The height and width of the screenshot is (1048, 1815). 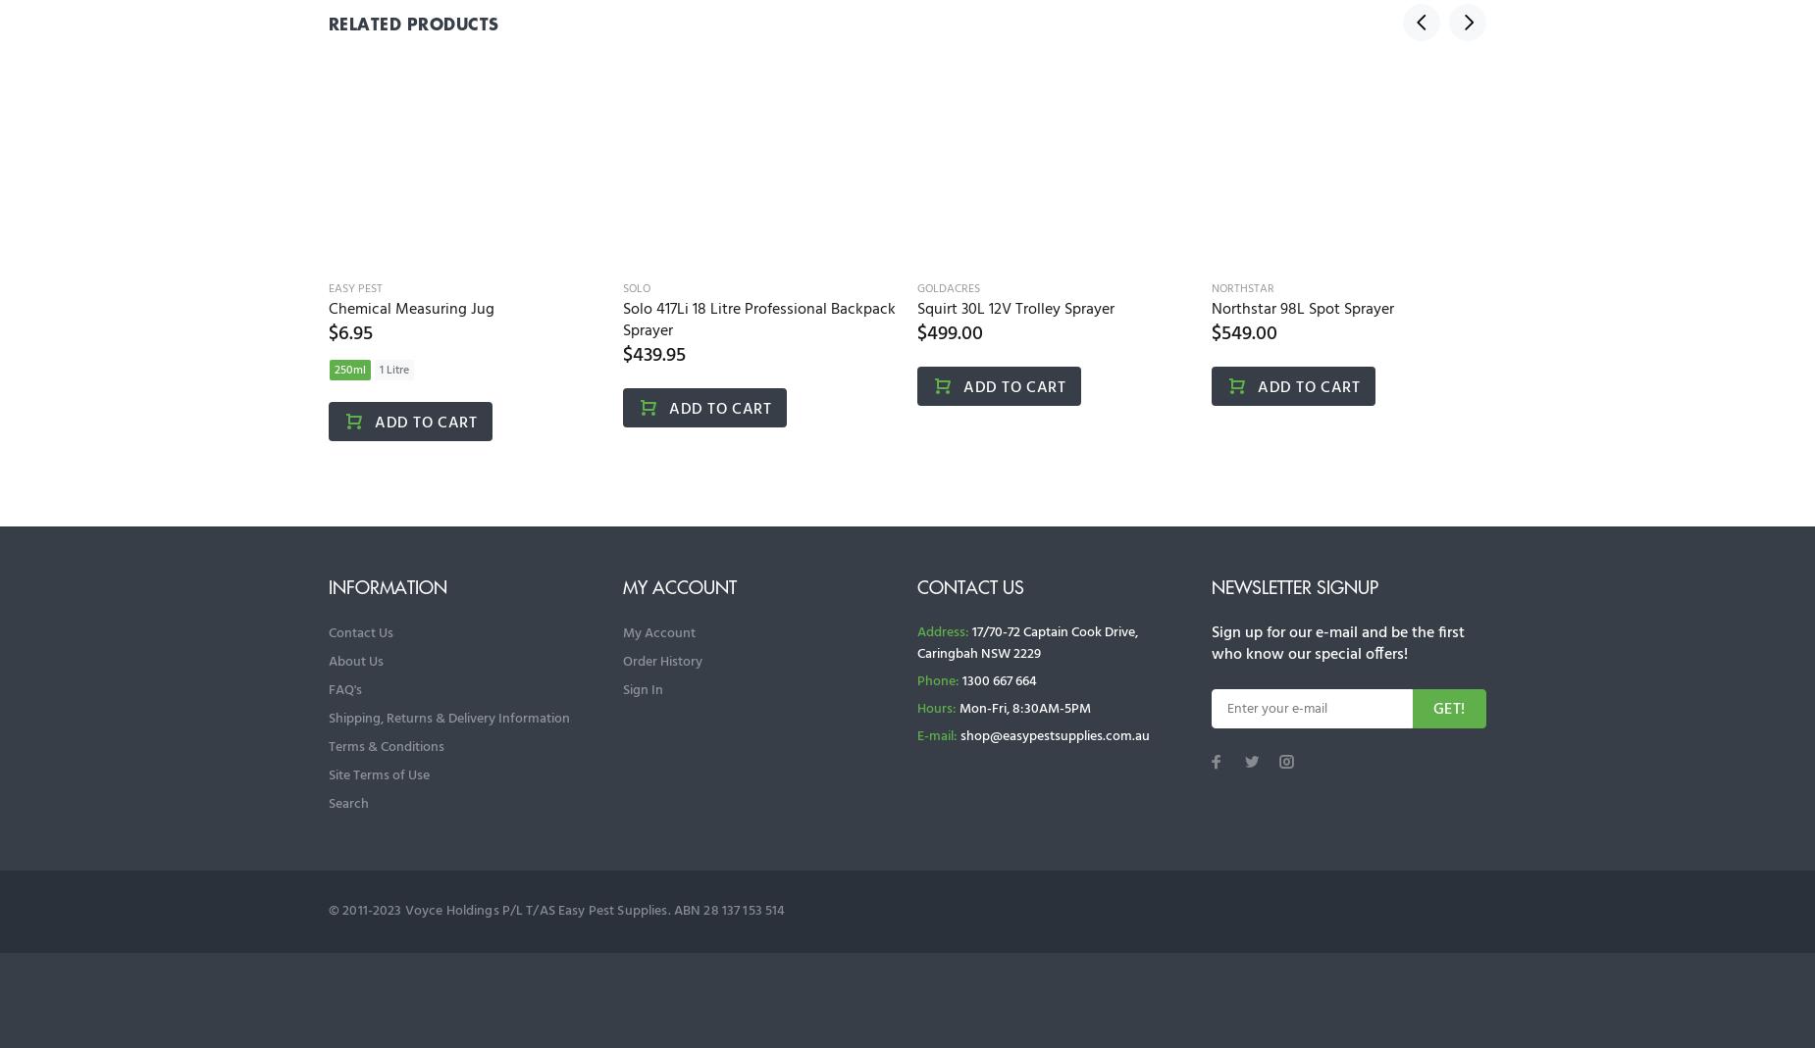 What do you see at coordinates (937, 680) in the screenshot?
I see `'Phone:'` at bounding box center [937, 680].